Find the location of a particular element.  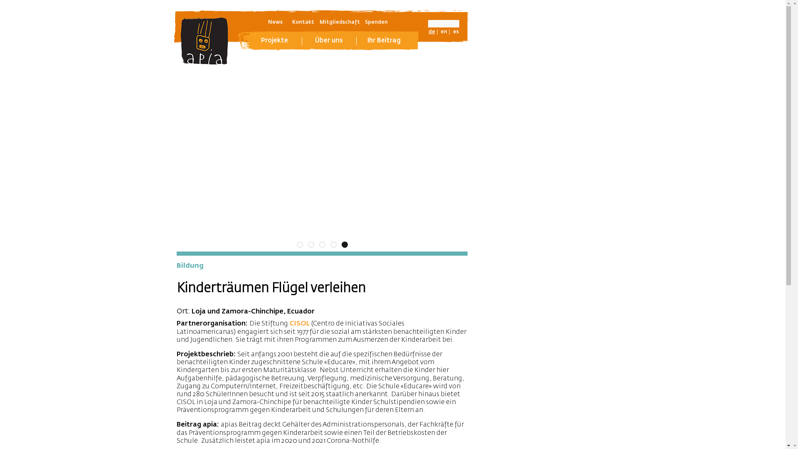

'de' is located at coordinates (431, 32).